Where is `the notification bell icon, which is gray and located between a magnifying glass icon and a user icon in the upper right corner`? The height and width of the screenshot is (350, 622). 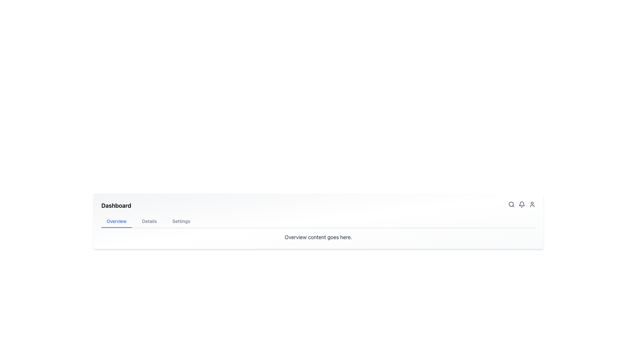 the notification bell icon, which is gray and located between a magnifying glass icon and a user icon in the upper right corner is located at coordinates (522, 206).